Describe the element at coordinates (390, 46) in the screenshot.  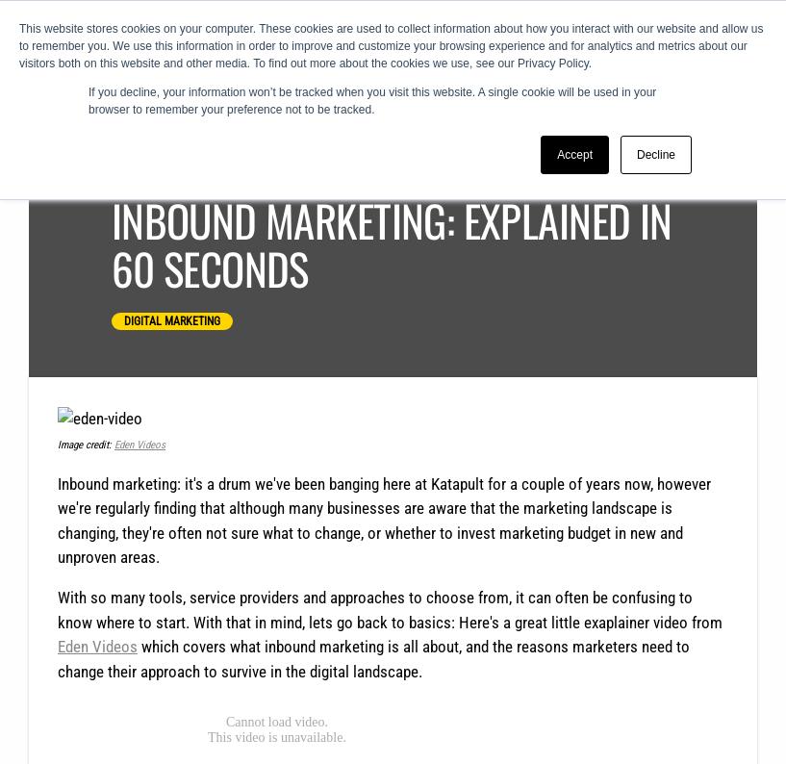
I see `'This website stores cookies on your computer. These cookies are used to collect information about how you interact with our website and allow us to remember you. We use this information in order to improve and customize your browsing experience and for analytics and metrics about our visitors both on this website and other media. To find out more about the cookies we use, see our Privacy Policy.'` at that location.